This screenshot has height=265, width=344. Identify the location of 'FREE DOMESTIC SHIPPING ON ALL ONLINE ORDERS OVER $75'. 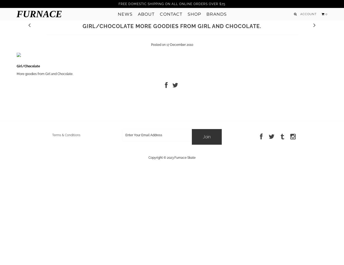
(172, 4).